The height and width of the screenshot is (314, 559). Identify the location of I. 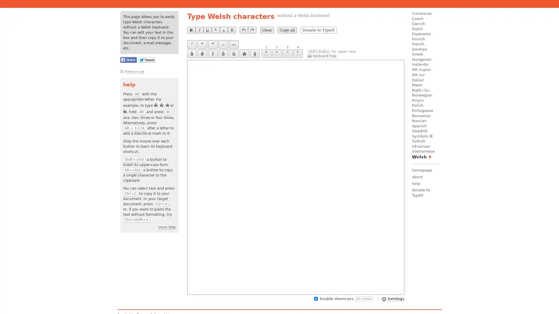
(199, 30).